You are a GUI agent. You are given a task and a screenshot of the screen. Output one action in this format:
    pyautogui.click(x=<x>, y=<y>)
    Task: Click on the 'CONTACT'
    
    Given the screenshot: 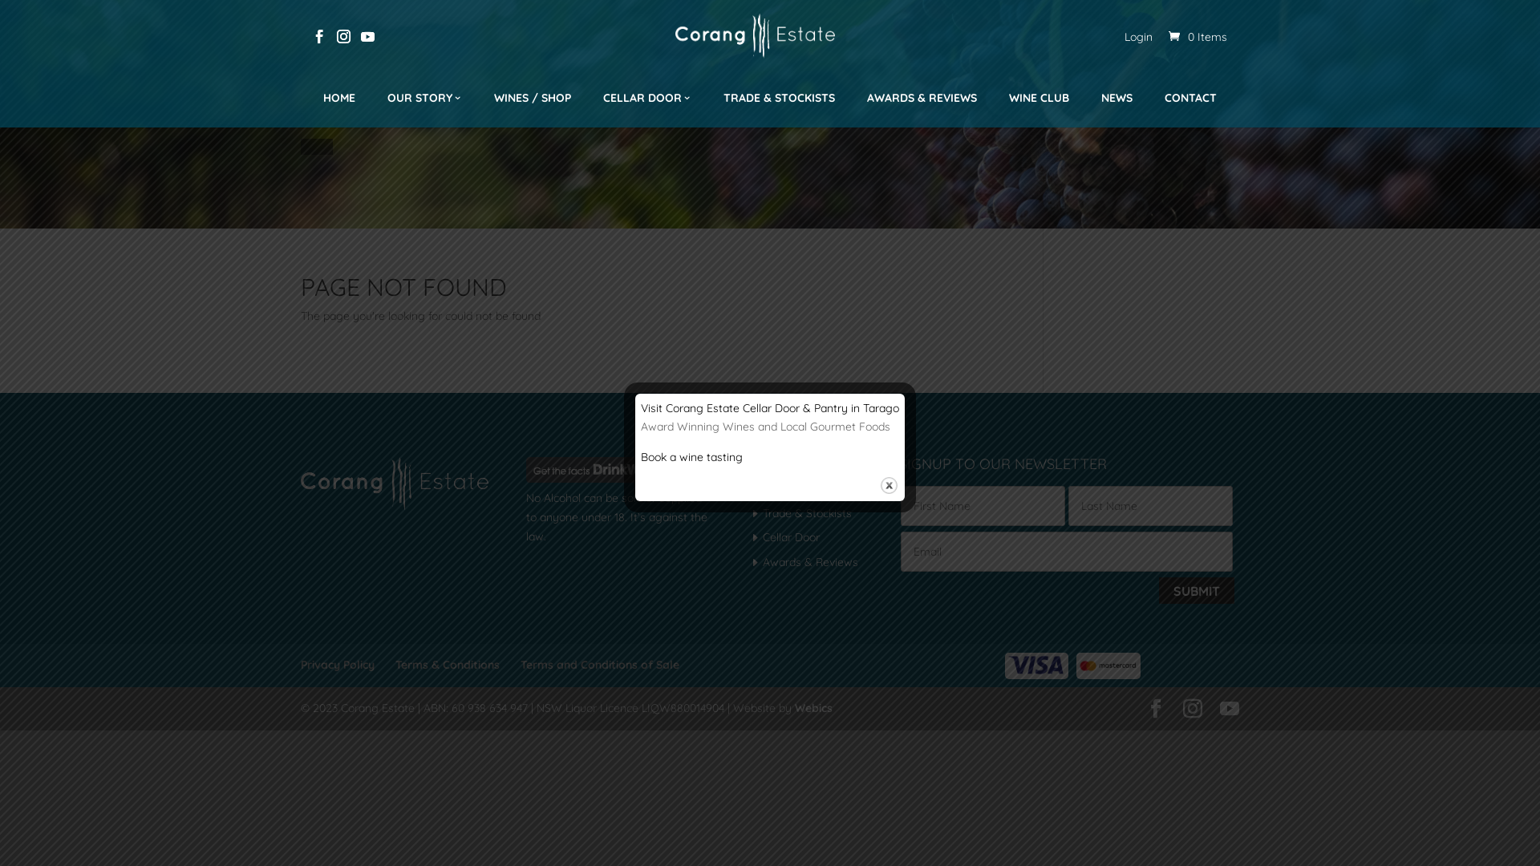 What is the action you would take?
    pyautogui.click(x=1190, y=98)
    